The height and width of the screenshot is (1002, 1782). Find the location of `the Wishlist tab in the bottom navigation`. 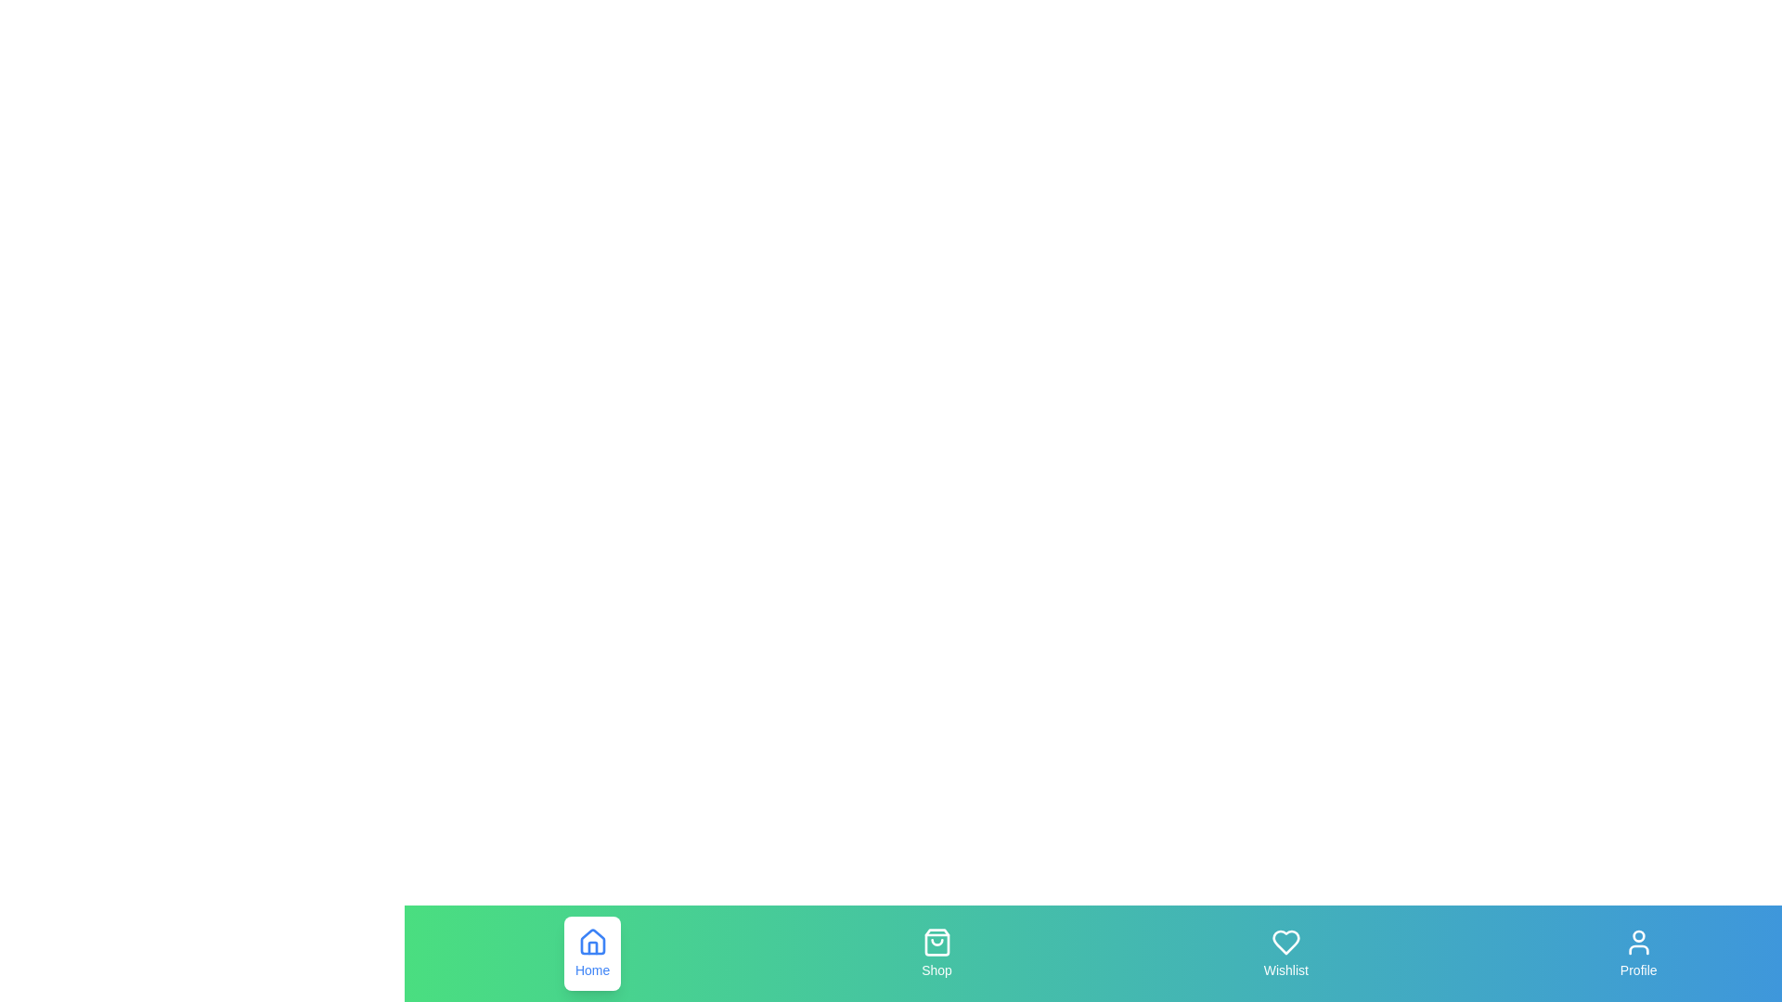

the Wishlist tab in the bottom navigation is located at coordinates (1285, 954).